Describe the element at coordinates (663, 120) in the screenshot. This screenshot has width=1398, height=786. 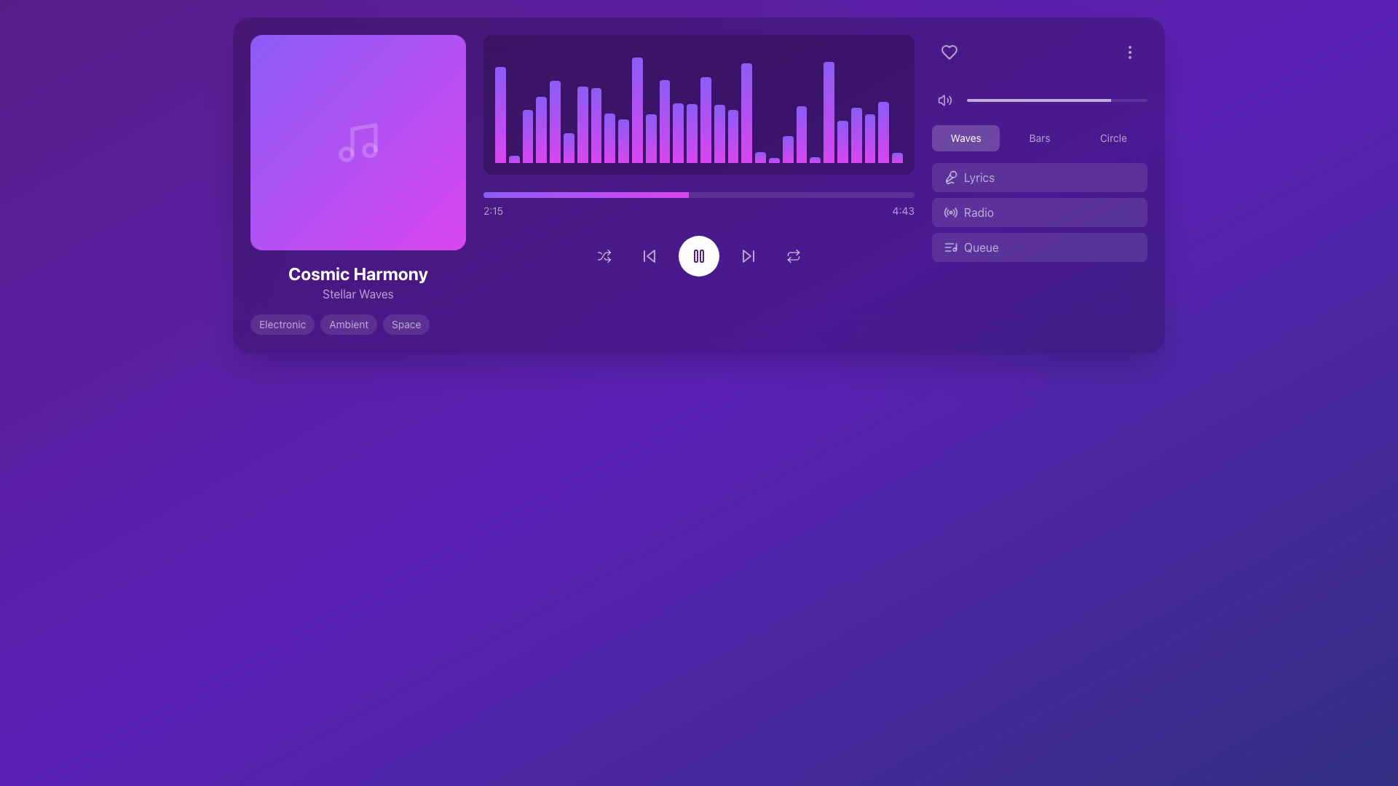
I see `data changes on the vertical bar in the bar chart that has a gradient color from fuchsia at the bottom to violet at the top, positioned towards the center of the chart area` at that location.